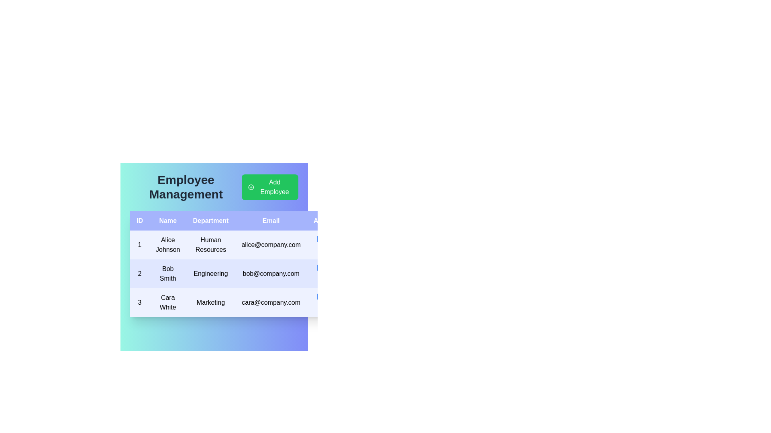 The image size is (771, 433). I want to click on the first row in the Employee Management table that contains information for 'Alice Johnson', which includes their ID, name, department, and email, so click(236, 244).